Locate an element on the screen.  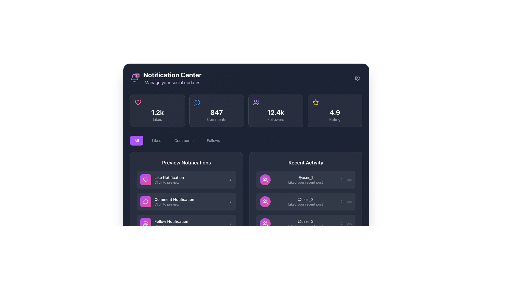
the 'Notification Center' text display element, which features a bold white header and a smaller purple subtitle, located in the top-left section of the interface is located at coordinates (172, 78).